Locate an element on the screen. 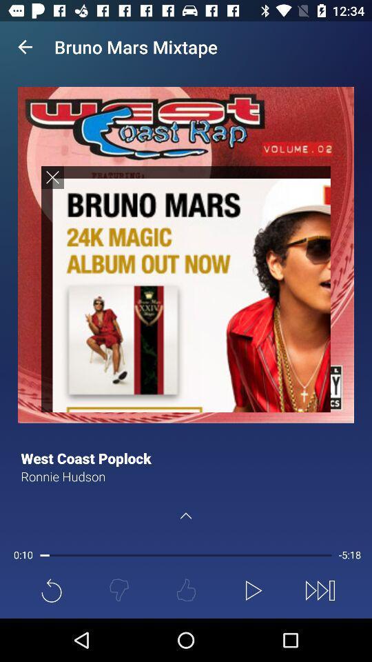 Image resolution: width=372 pixels, height=662 pixels. the thumbs_down icon is located at coordinates (118, 590).